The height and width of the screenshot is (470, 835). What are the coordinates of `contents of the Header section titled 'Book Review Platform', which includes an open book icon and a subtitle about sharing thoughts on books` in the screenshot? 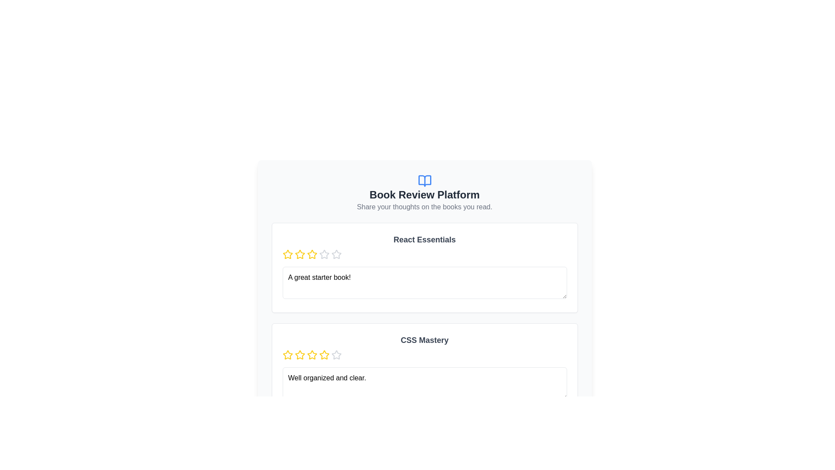 It's located at (424, 192).